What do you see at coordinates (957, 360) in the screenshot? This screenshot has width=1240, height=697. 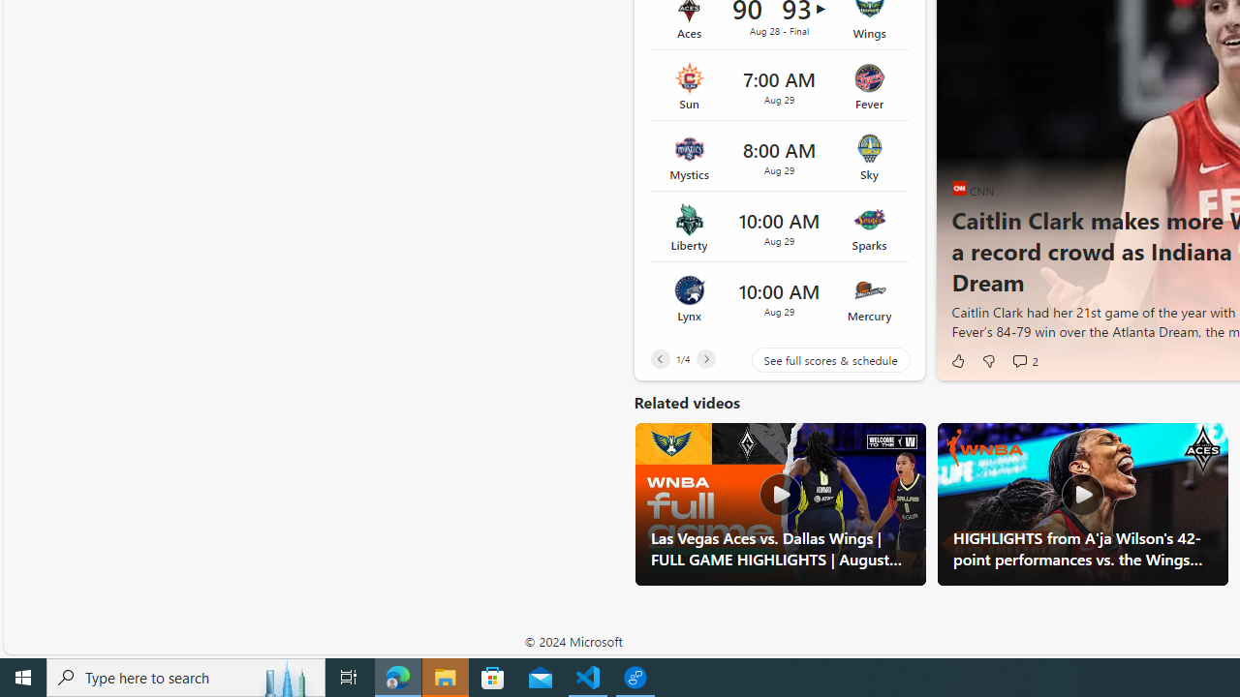 I see `'Like'` at bounding box center [957, 360].